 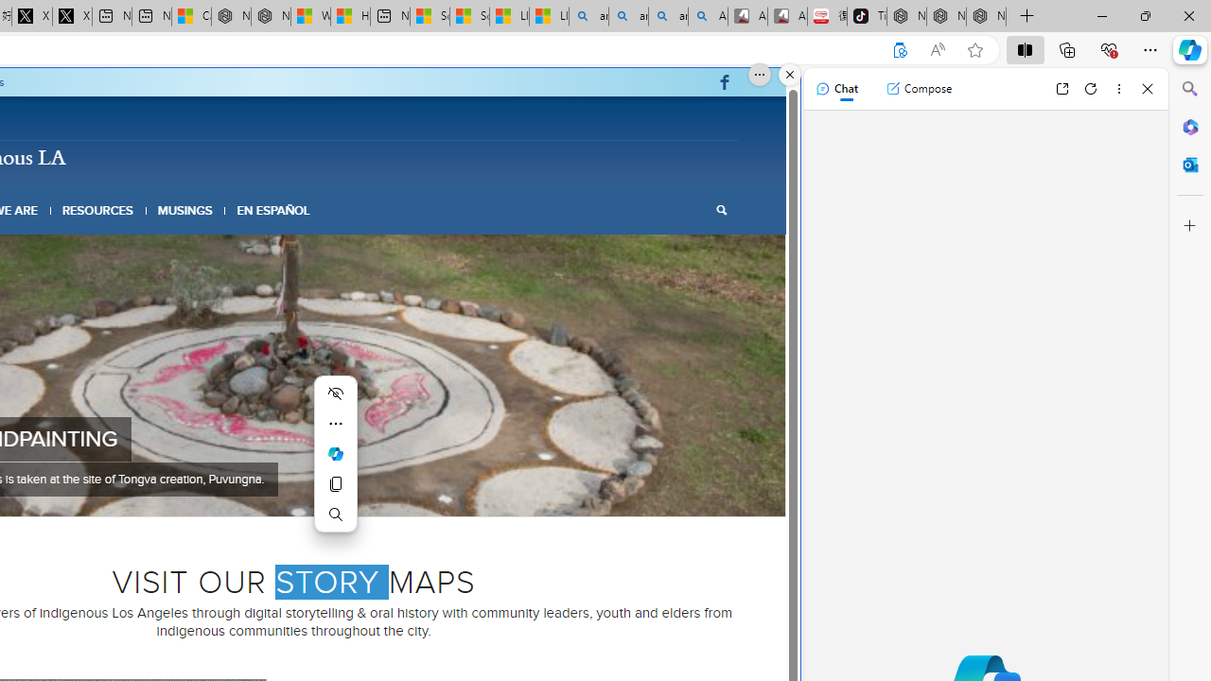 What do you see at coordinates (1101, 15) in the screenshot?
I see `'Minimize'` at bounding box center [1101, 15].